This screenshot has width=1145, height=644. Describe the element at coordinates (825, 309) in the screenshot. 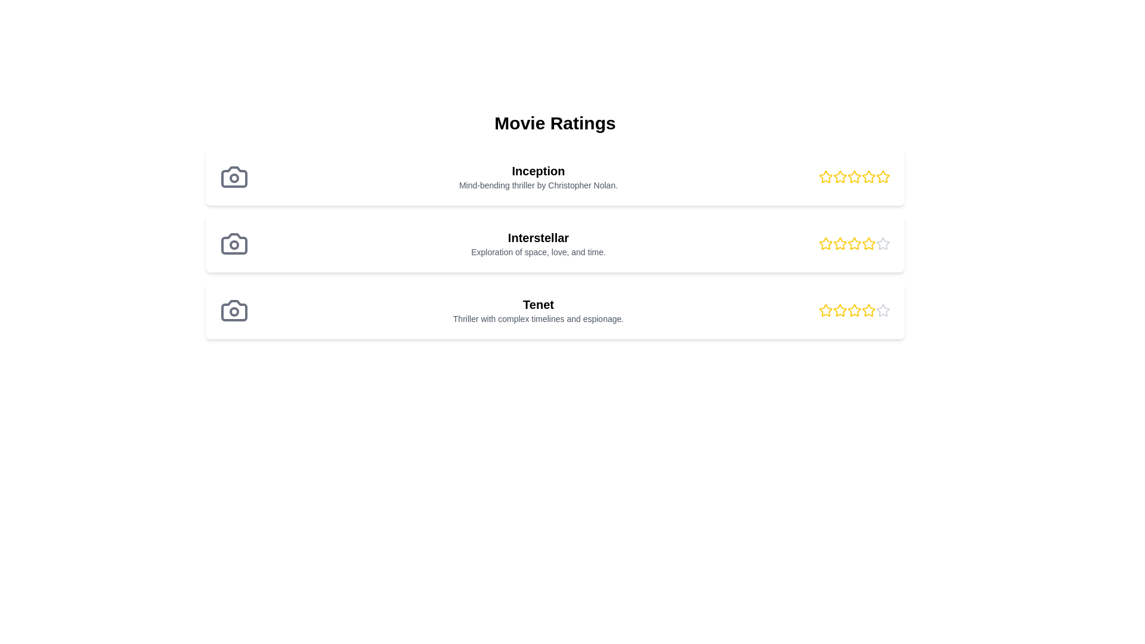

I see `the third star in the row of five stars next` at that location.